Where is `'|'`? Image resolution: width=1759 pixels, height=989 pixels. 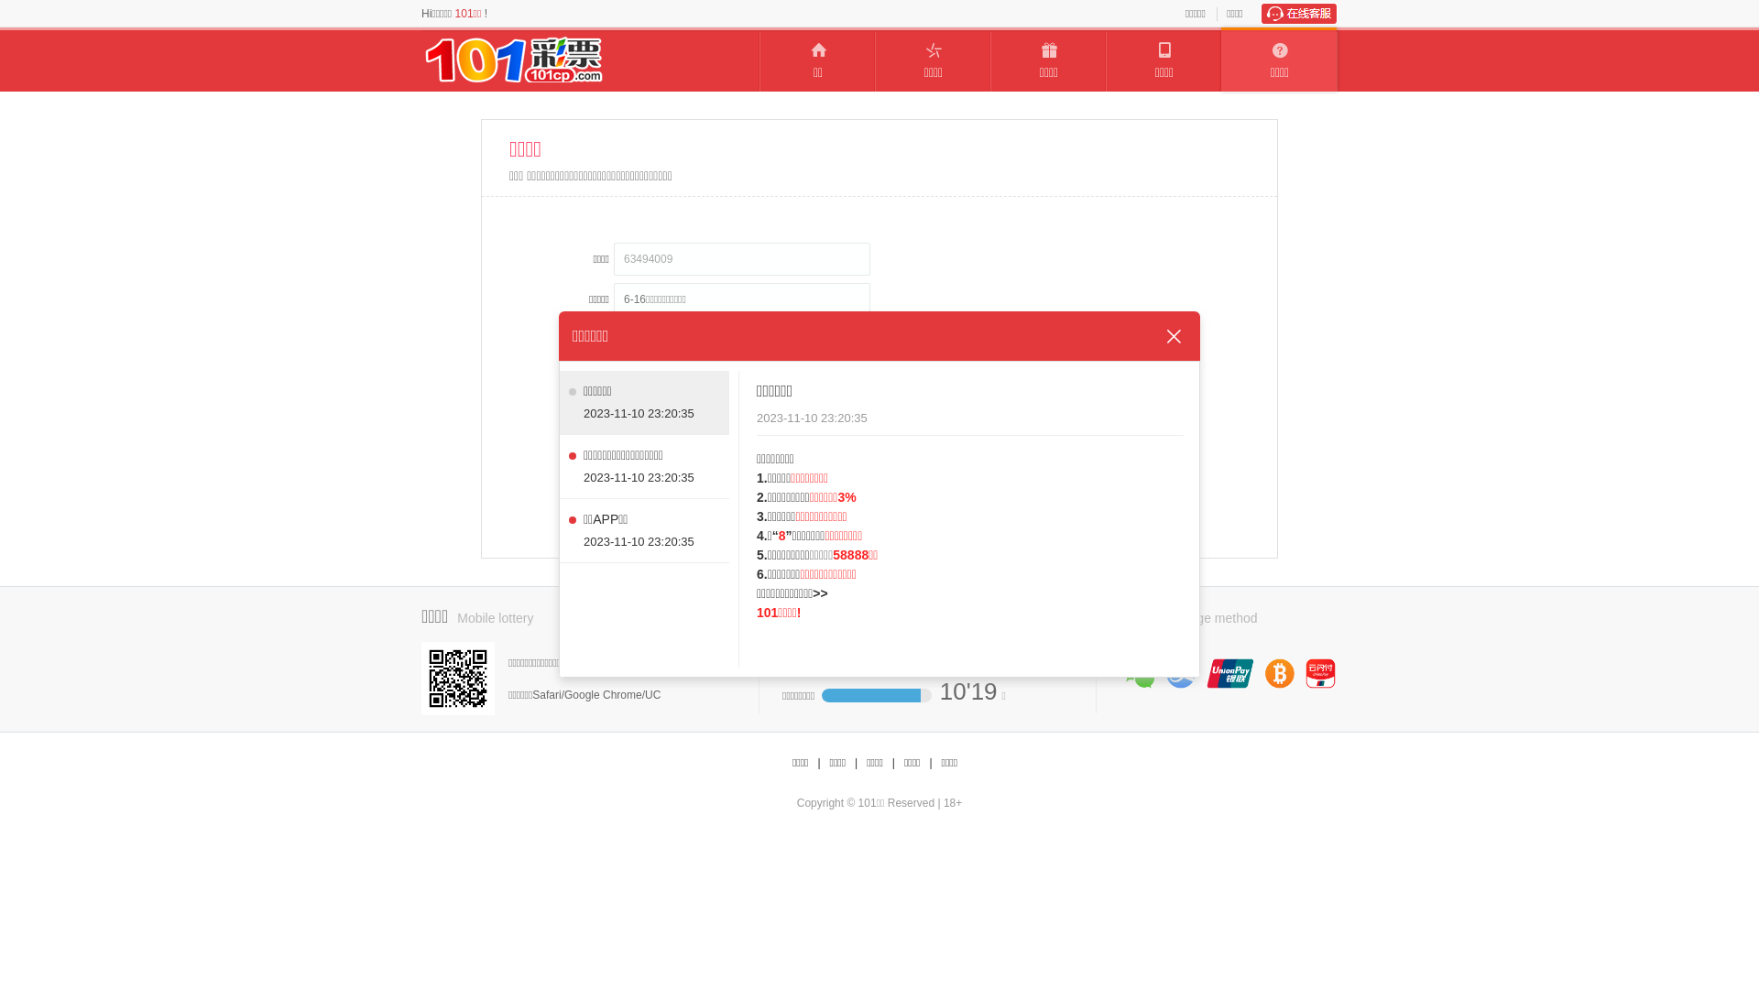
'|' is located at coordinates (930, 763).